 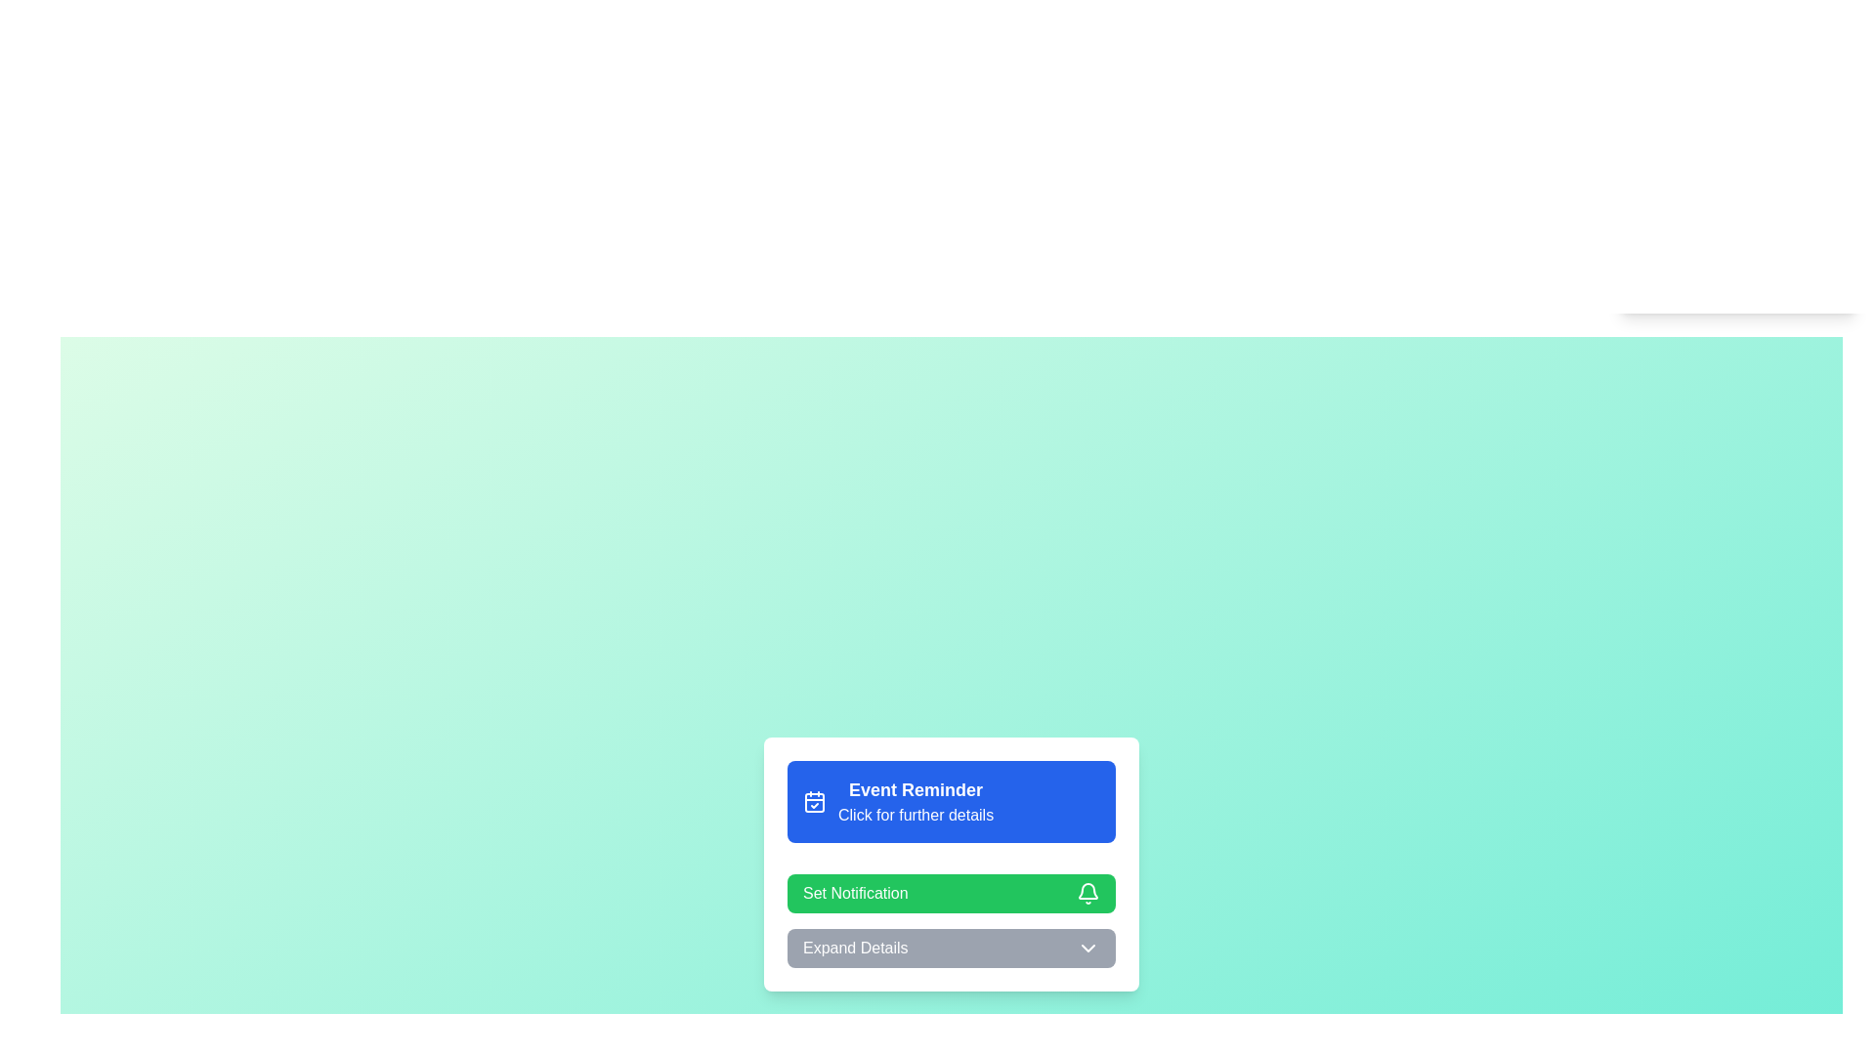 I want to click on the 'Event Reminder' icon located in the blue area of the card layout, positioned to the left above the text 'Click for further details', so click(x=815, y=802).